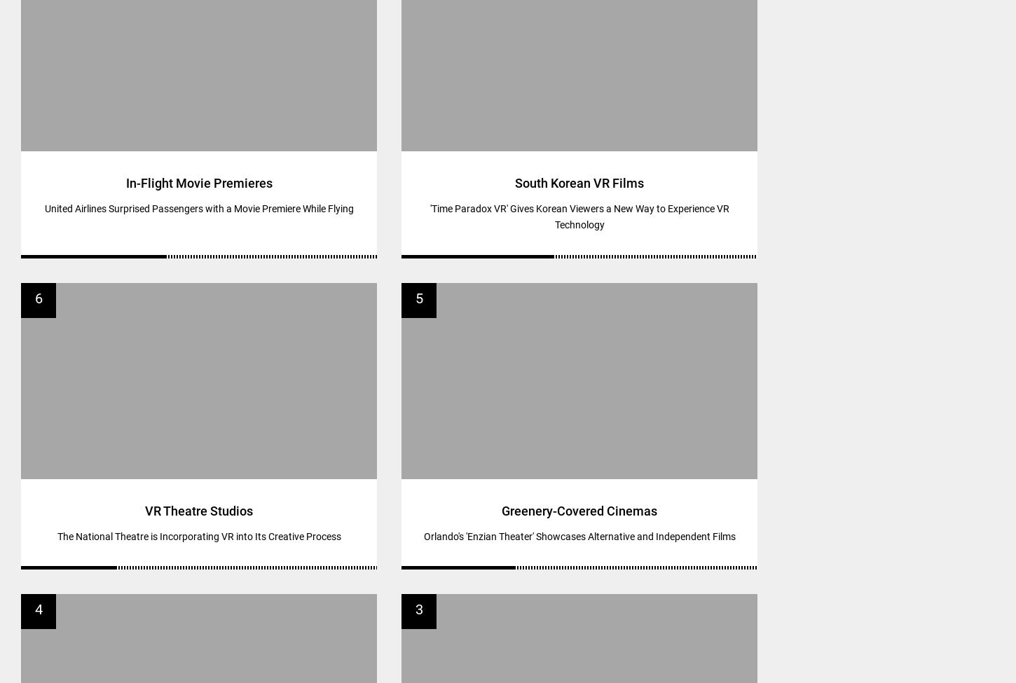  Describe the element at coordinates (38, 298) in the screenshot. I see `'6'` at that location.